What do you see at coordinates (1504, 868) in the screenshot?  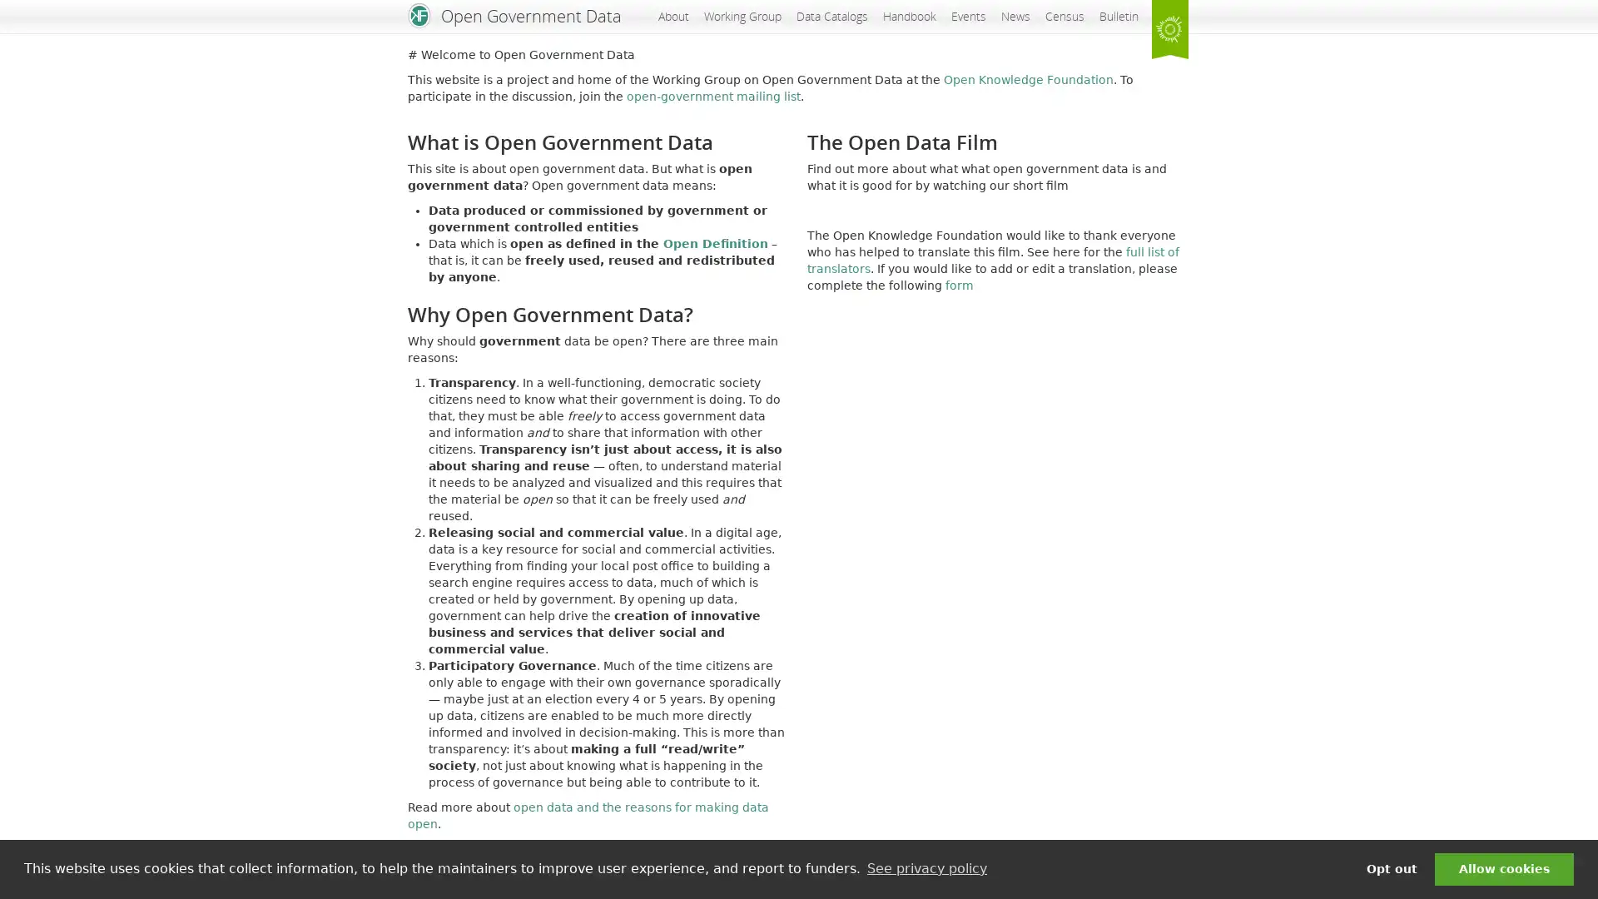 I see `dismiss cookie message` at bounding box center [1504, 868].